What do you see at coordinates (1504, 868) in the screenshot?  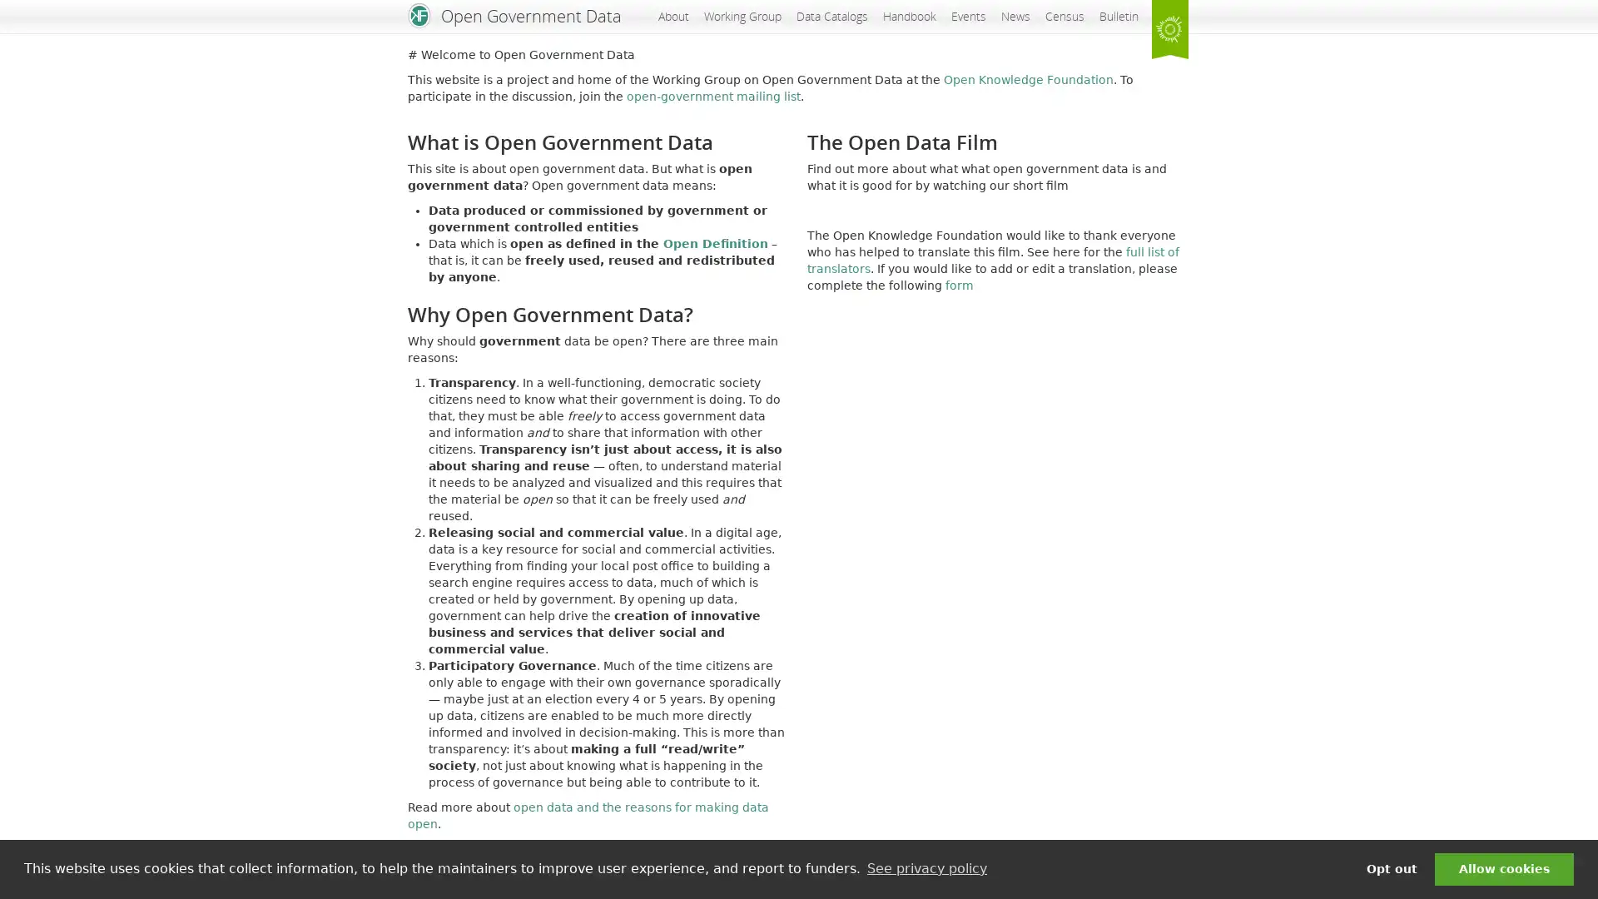 I see `dismiss cookie message` at bounding box center [1504, 868].